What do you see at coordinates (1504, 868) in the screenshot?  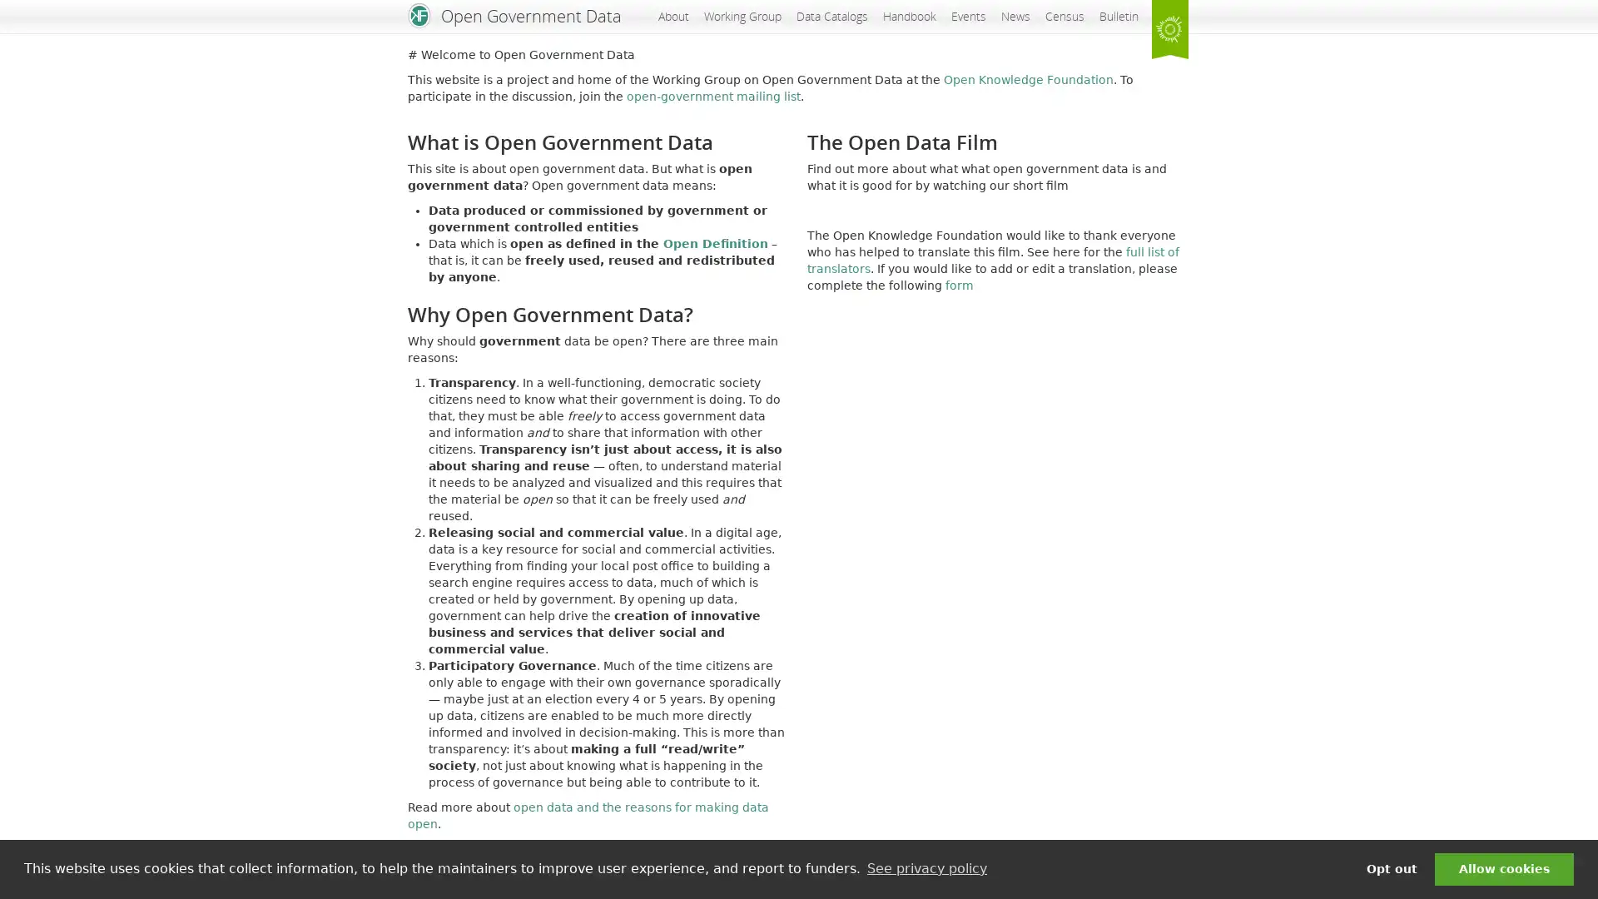 I see `dismiss cookie message` at bounding box center [1504, 868].